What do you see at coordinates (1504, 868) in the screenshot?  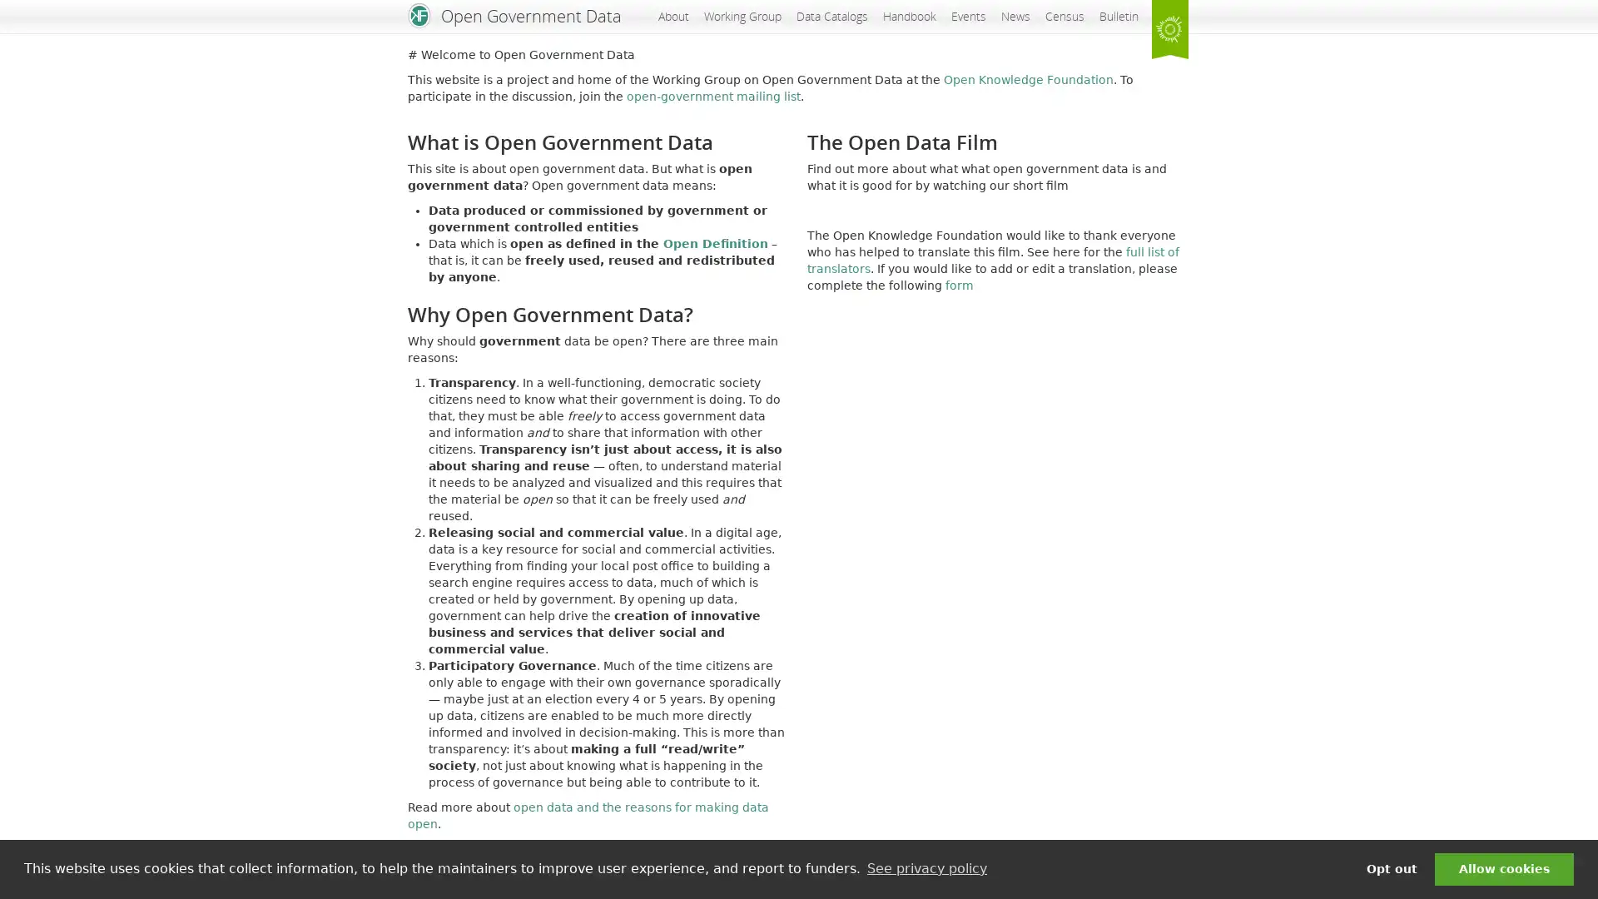 I see `dismiss cookie message` at bounding box center [1504, 868].